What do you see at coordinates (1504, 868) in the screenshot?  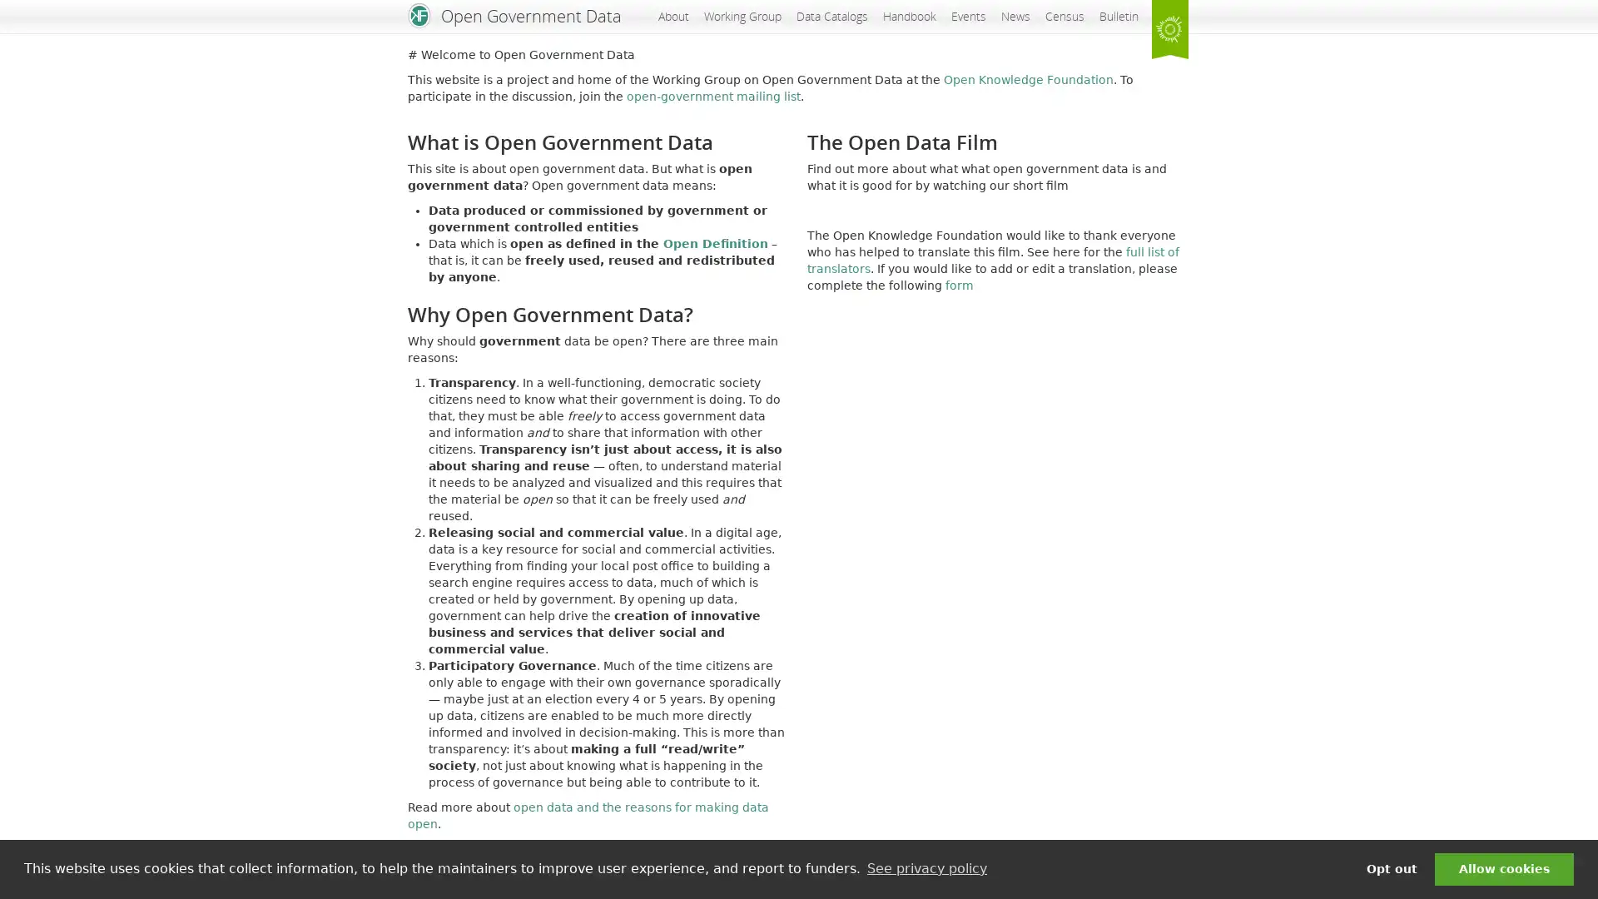 I see `dismiss cookie message` at bounding box center [1504, 868].